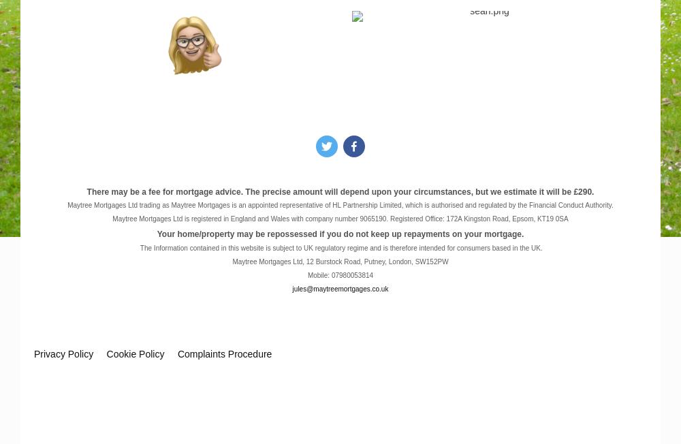  Describe the element at coordinates (339, 288) in the screenshot. I see `'jules@maytreemortgages.co.uk'` at that location.